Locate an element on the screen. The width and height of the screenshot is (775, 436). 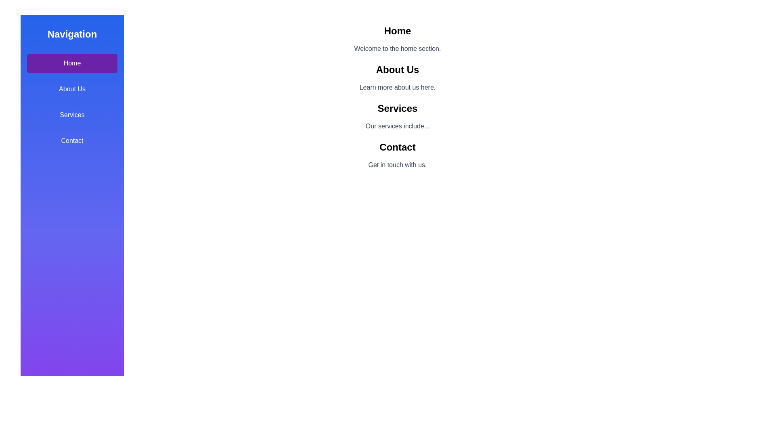
the informational text display that provides a welcoming message for the 'Home' section, located directly below the 'Home' heading is located at coordinates (397, 48).